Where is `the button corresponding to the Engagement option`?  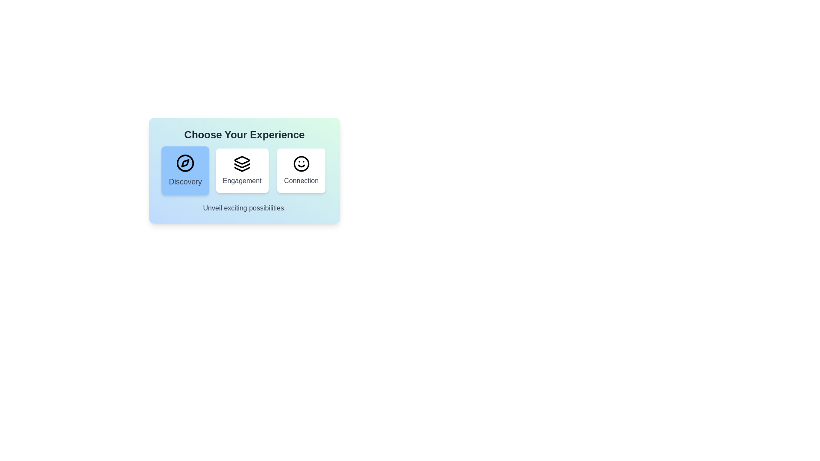
the button corresponding to the Engagement option is located at coordinates (242, 171).